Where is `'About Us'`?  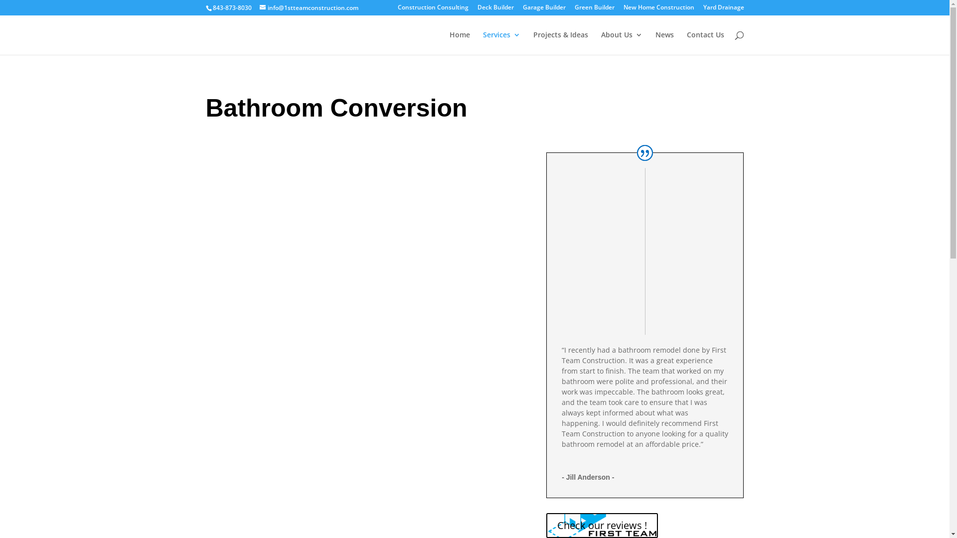
'About Us' is located at coordinates (621, 42).